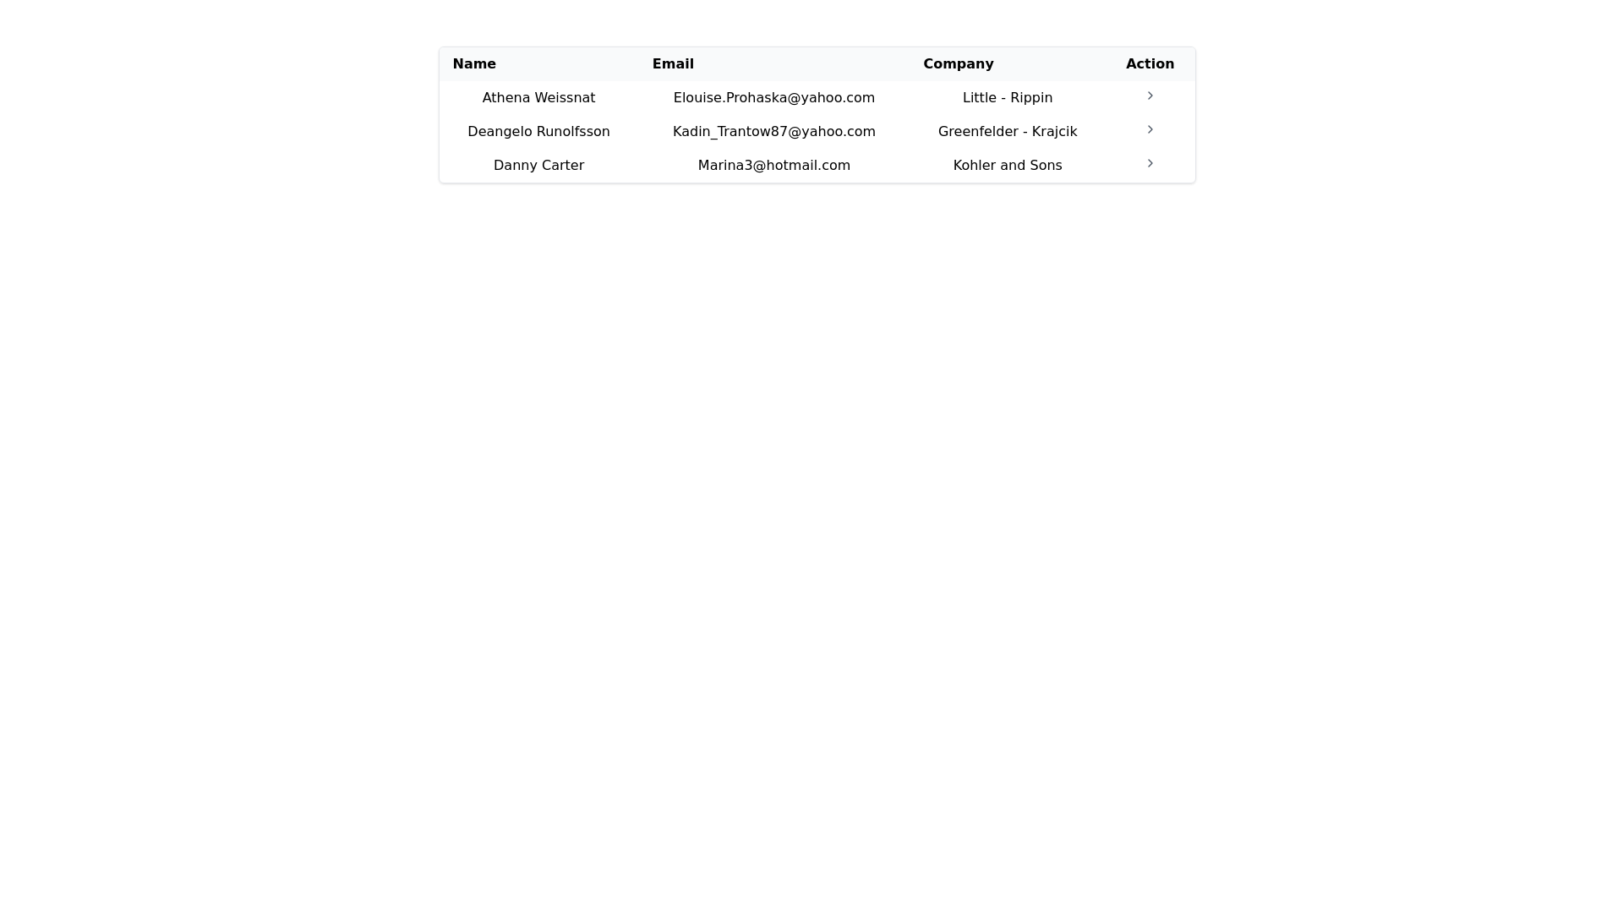  I want to click on the first row of the table containing 'Athena Weissnat', 'Elouise.Prohaska@yahoo.com', and 'Little - Rippin', which ends with an arrow icon, so click(817, 97).